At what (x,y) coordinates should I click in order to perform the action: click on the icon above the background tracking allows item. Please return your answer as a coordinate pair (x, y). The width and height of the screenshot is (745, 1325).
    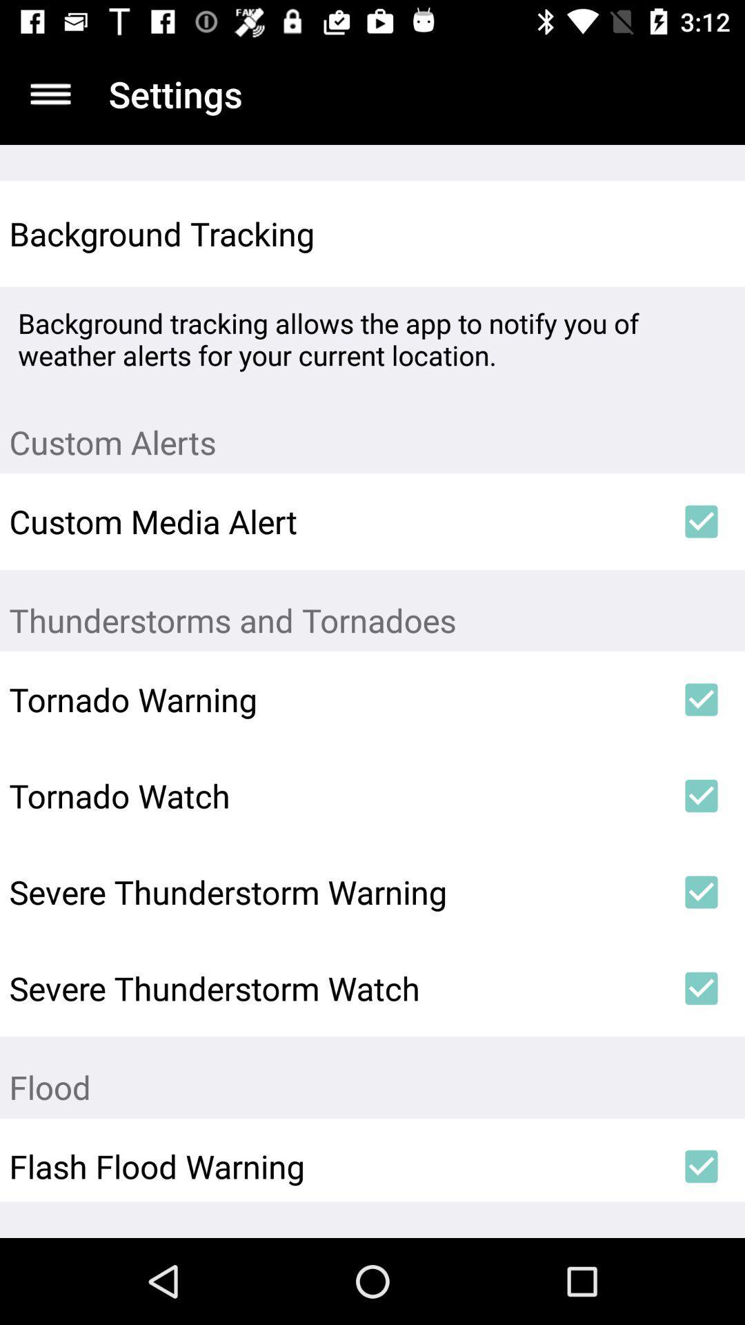
    Looking at the image, I should click on (702, 234).